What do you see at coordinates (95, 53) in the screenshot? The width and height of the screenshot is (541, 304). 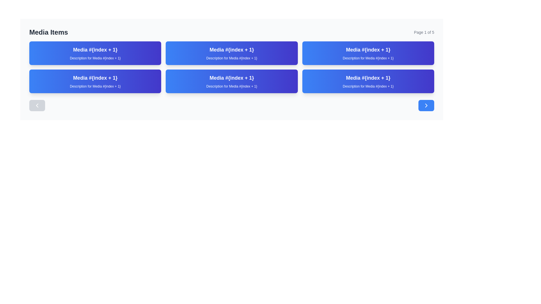 I see `the media card located at the top-left corner of the grid, which displays the title and description of a specific media item` at bounding box center [95, 53].